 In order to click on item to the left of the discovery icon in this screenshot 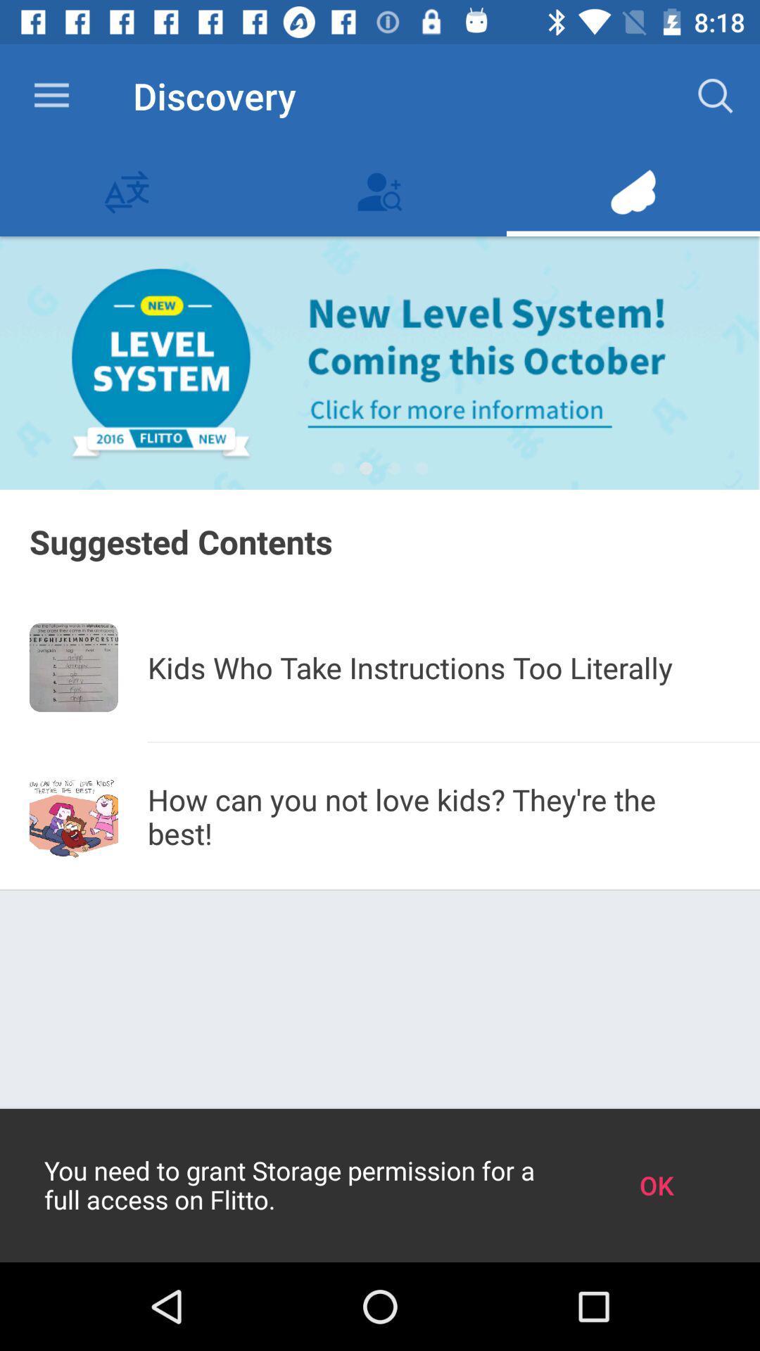, I will do `click(51, 95)`.